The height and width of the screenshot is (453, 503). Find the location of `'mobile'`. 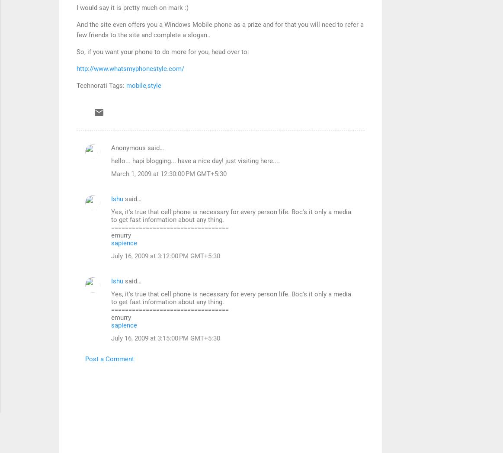

'mobile' is located at coordinates (135, 85).